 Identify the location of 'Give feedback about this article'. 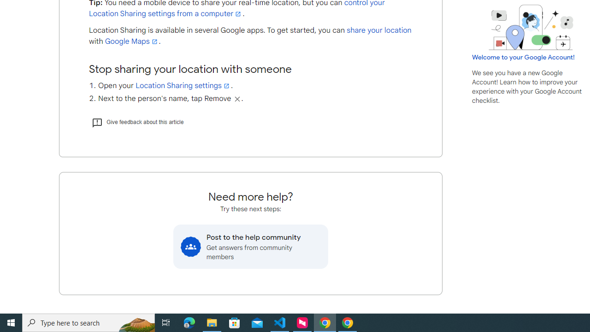
(137, 121).